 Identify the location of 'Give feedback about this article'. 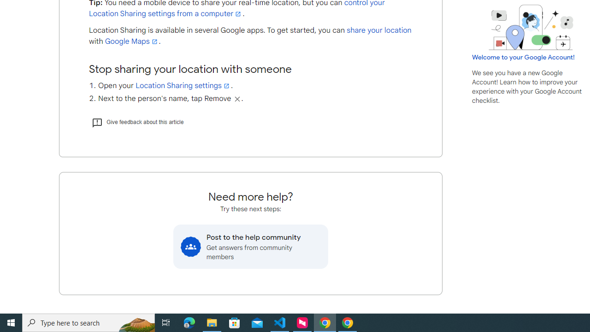
(137, 121).